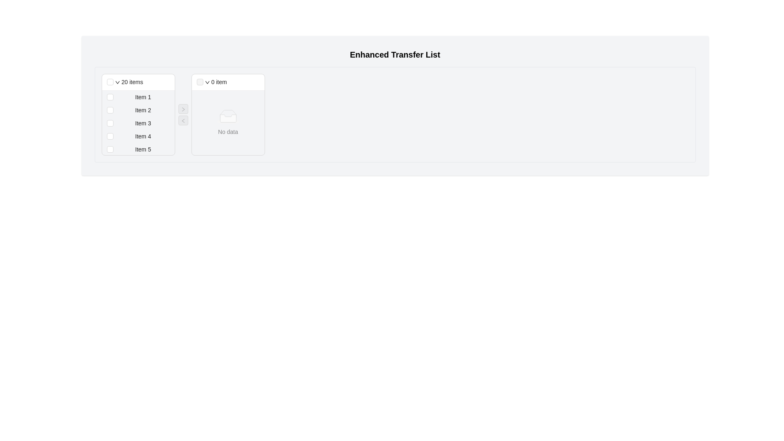 This screenshot has height=441, width=784. I want to click on the Dropdown toggle icon located in the header section of the left panel of the transfer list UI, so click(117, 82).